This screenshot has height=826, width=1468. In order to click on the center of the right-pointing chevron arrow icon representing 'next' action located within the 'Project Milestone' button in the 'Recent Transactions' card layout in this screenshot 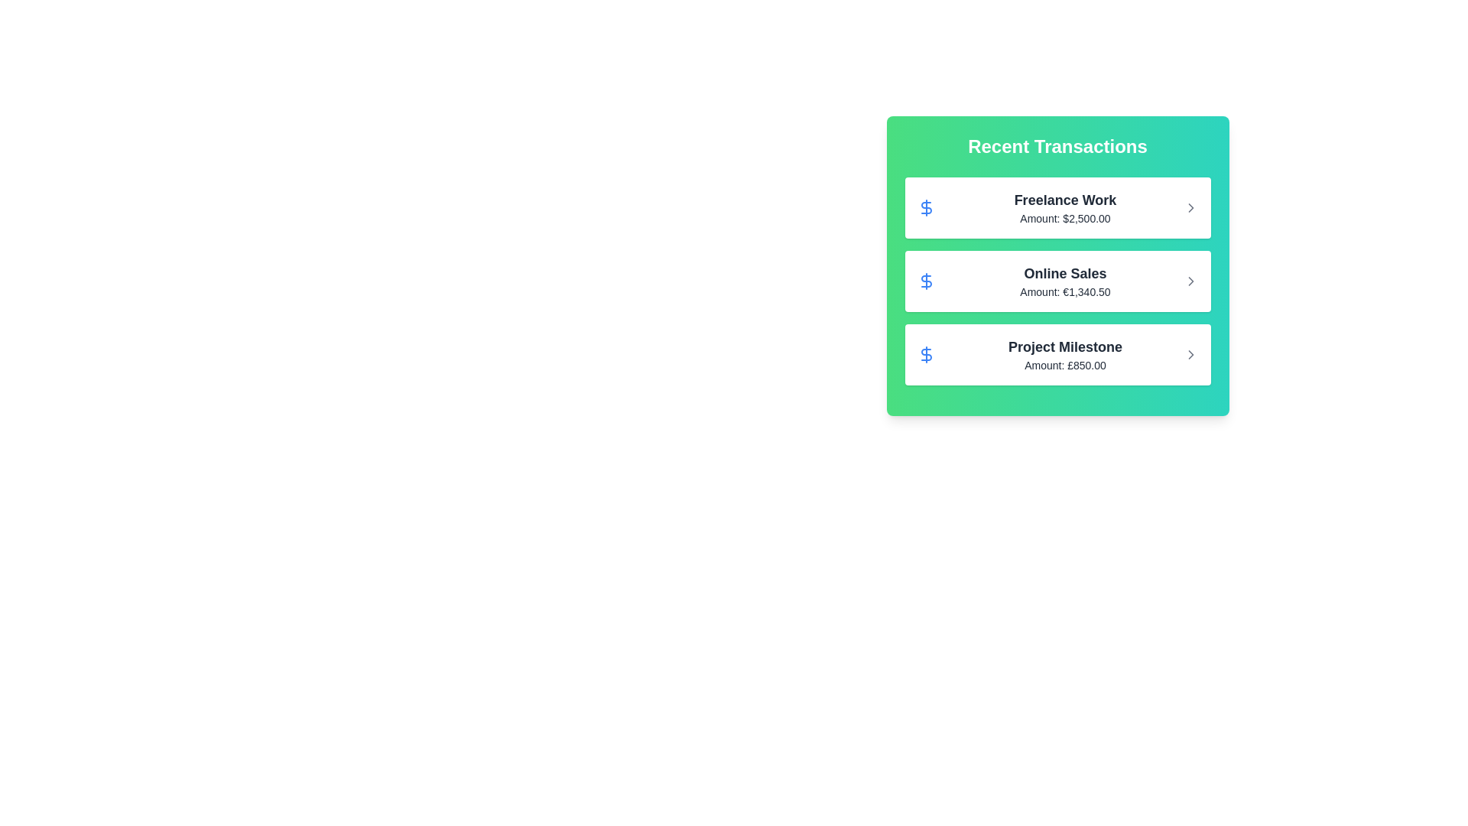, I will do `click(1190, 354)`.